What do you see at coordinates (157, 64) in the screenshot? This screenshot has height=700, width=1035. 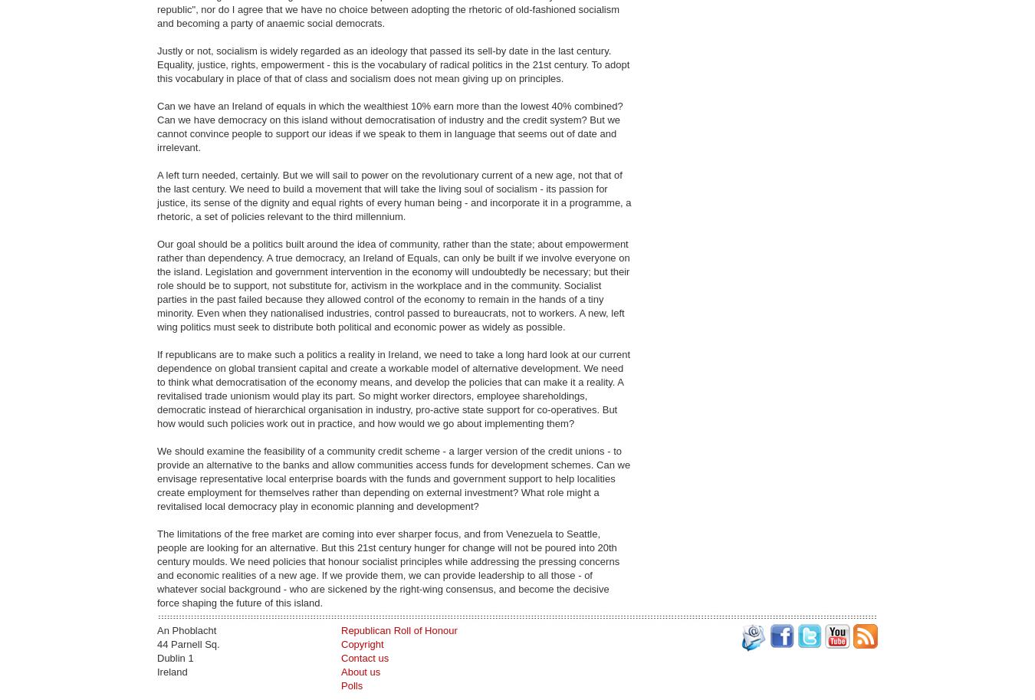 I see `'Justly or not, socialism is widely regarded as an ideology that passed its sell-by date in the last century. Equality, justice, rights, empowerment - this is the vocabulary of radical politics in the 21st century. To adopt this vocabulary in place of that of class and socialism does not mean giving up on principles.'` at bounding box center [157, 64].